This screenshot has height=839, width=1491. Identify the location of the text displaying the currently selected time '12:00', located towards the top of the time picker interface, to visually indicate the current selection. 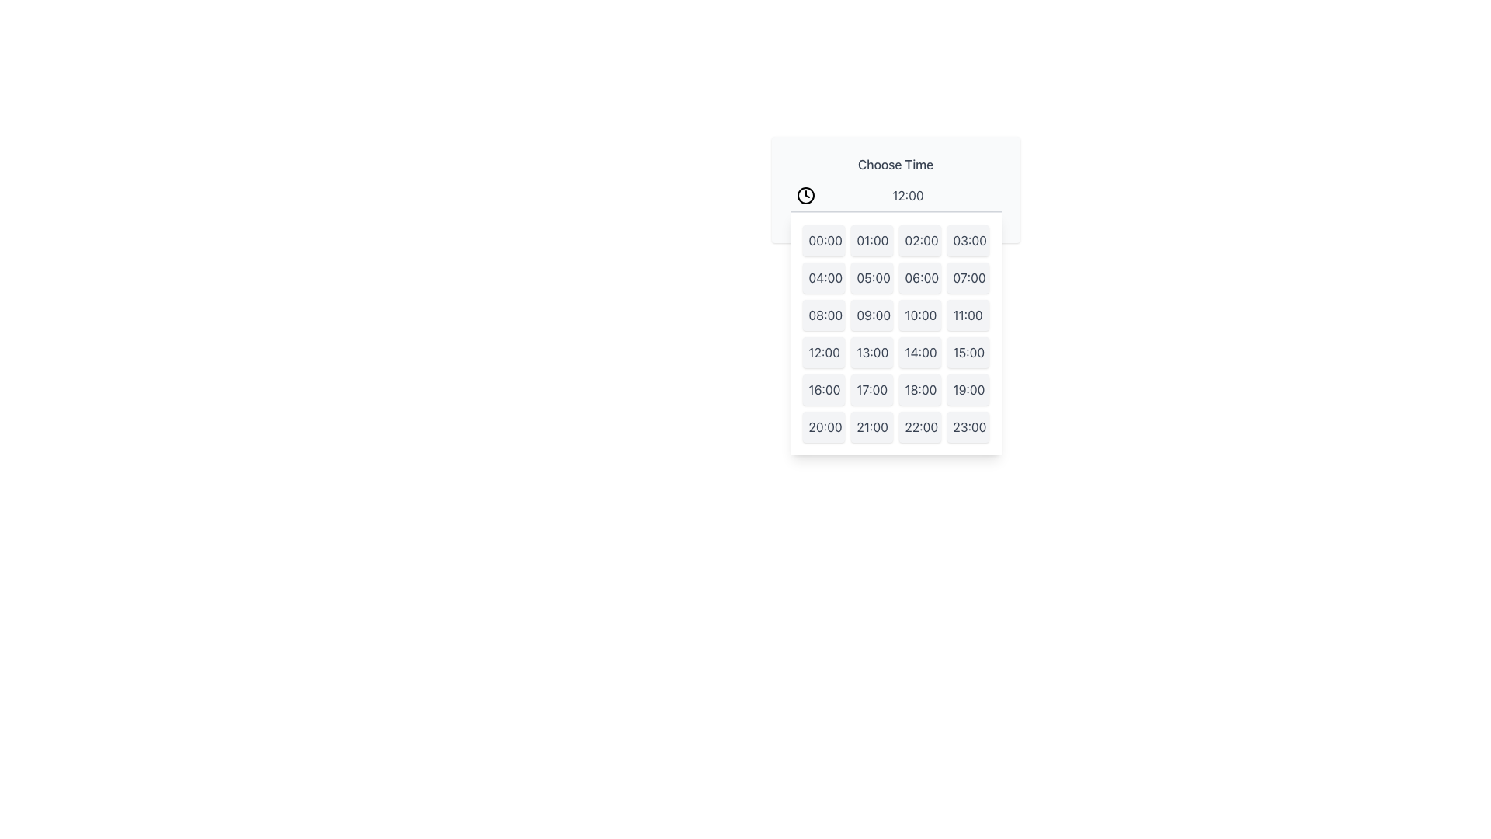
(908, 194).